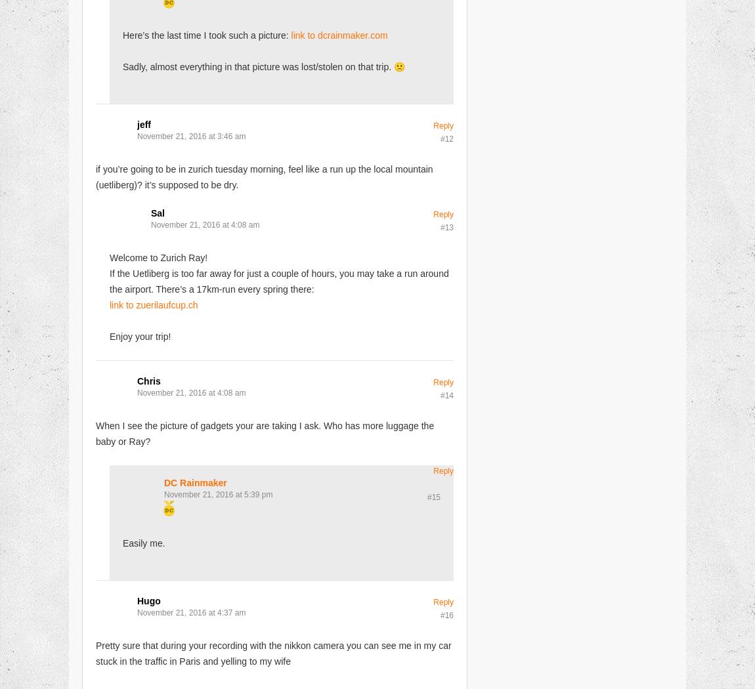 The height and width of the screenshot is (689, 755). What do you see at coordinates (279, 280) in the screenshot?
I see `'If the Uetliberg is too far away for just a couple of hours, you may take a run around the airport. There’s a 17km-run every spring there:'` at bounding box center [279, 280].